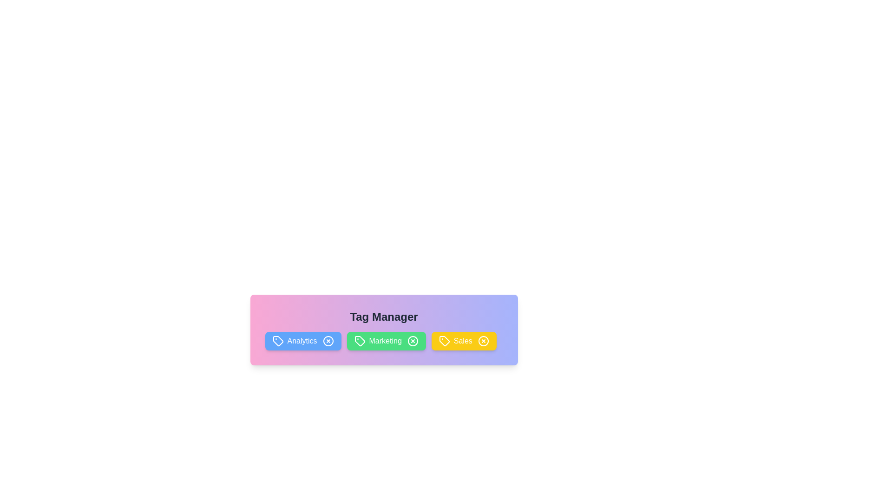 The height and width of the screenshot is (502, 892). What do you see at coordinates (483, 341) in the screenshot?
I see `the close button of the tag labeled Sales` at bounding box center [483, 341].